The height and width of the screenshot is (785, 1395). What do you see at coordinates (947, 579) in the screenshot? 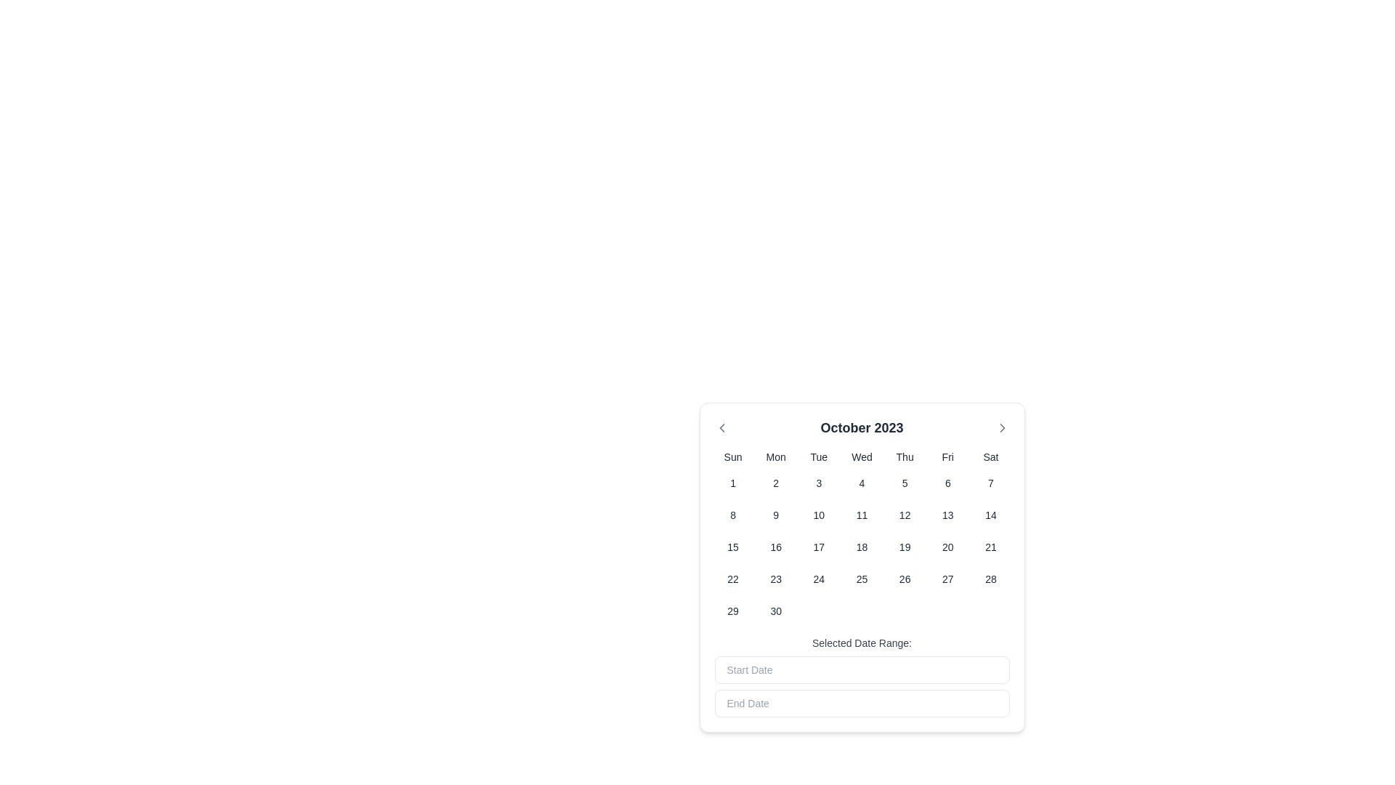
I see `the selectable day button for '27th' in the calendar, located in the last row of the sixth column (Friday)` at bounding box center [947, 579].